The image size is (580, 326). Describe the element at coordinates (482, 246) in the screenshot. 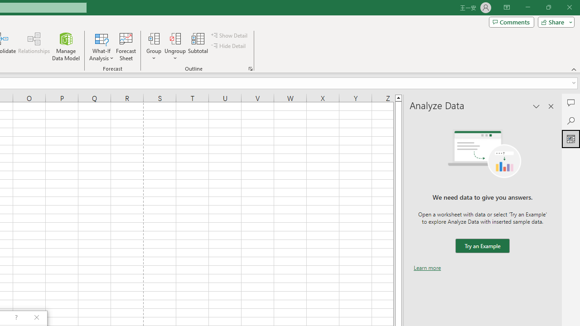

I see `'We need data to give you answers. Try an Example'` at that location.